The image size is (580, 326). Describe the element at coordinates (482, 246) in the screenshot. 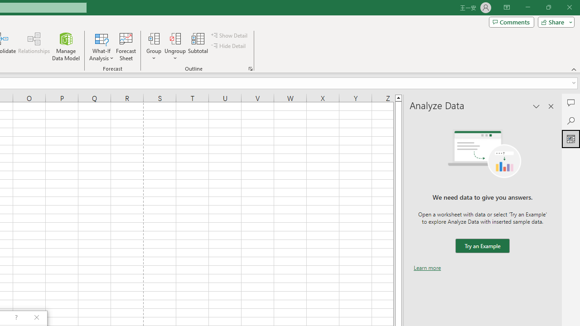

I see `'We need data to give you answers. Try an Example'` at that location.